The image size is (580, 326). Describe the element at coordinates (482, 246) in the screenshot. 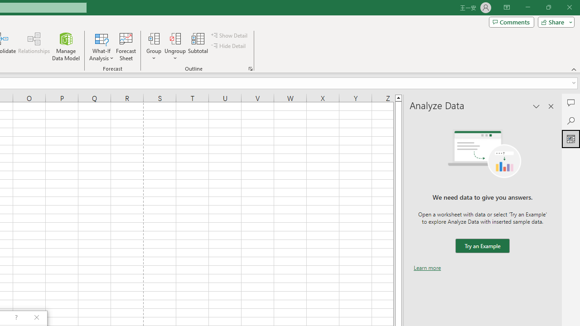

I see `'We need data to give you answers. Try an Example'` at that location.